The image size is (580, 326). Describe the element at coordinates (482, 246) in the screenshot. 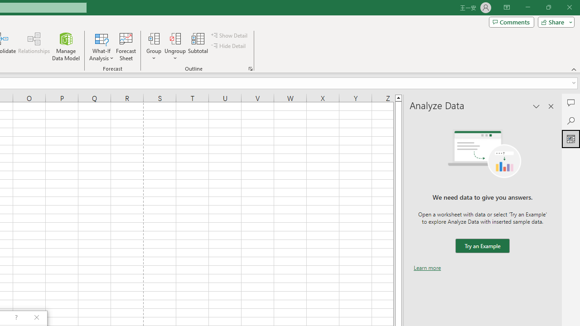

I see `'We need data to give you answers. Try an Example'` at that location.